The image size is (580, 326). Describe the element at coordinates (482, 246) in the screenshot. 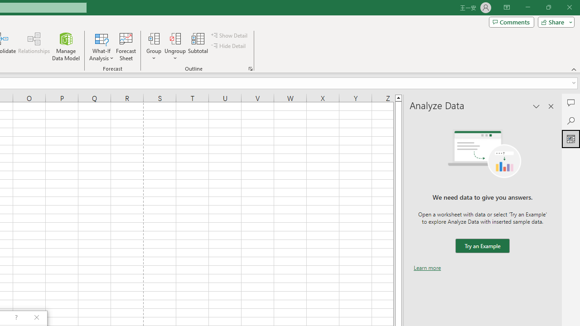

I see `'We need data to give you answers. Try an Example'` at that location.